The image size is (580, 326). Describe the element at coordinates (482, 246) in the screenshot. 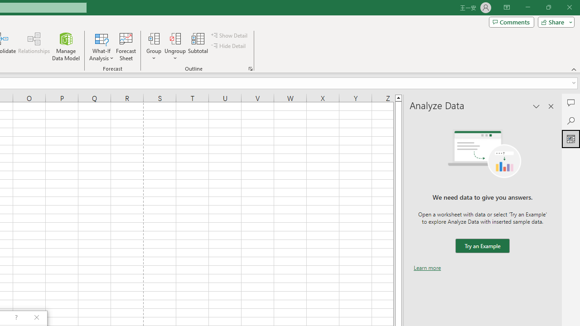

I see `'We need data to give you answers. Try an Example'` at that location.